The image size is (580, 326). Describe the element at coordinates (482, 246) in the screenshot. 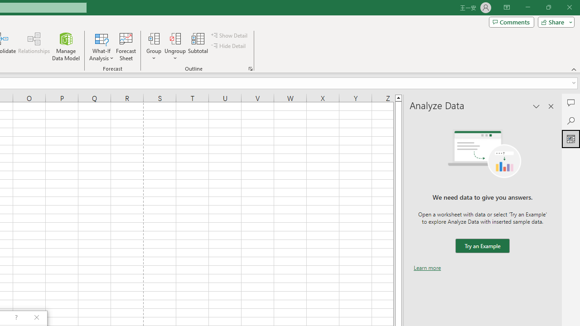

I see `'We need data to give you answers. Try an Example'` at that location.